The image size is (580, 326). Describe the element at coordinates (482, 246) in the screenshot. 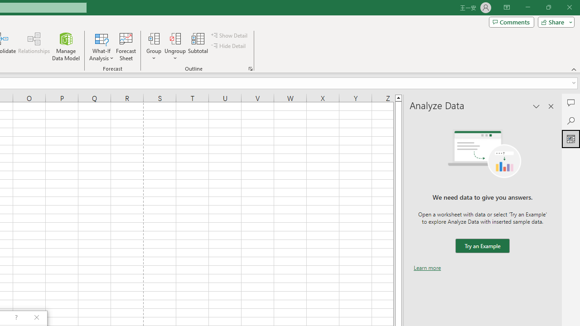

I see `'We need data to give you answers. Try an Example'` at that location.